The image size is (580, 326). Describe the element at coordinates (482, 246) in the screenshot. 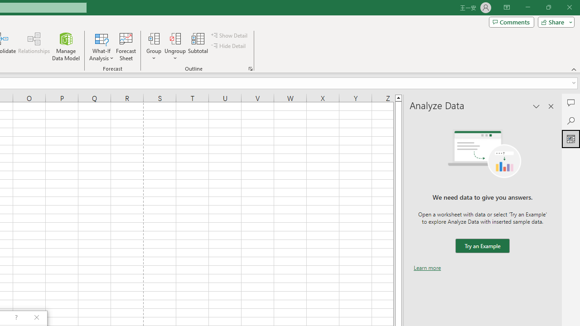

I see `'We need data to give you answers. Try an Example'` at that location.